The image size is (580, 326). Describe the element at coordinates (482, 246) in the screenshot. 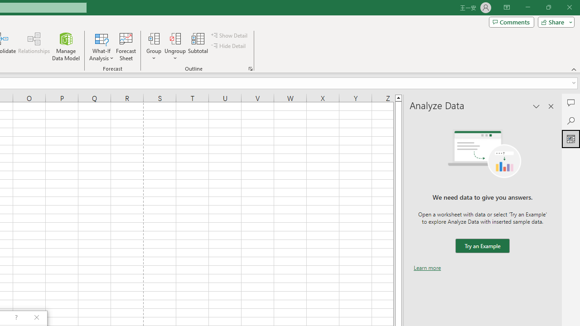

I see `'We need data to give you answers. Try an Example'` at that location.